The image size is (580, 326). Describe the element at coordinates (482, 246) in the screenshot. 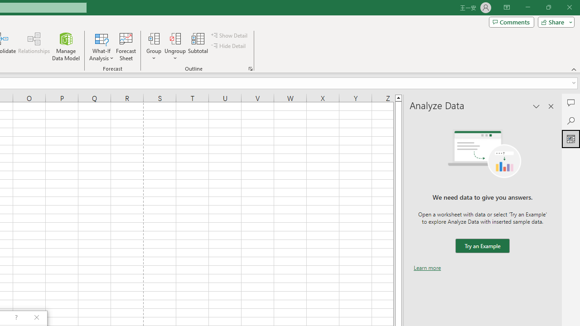

I see `'We need data to give you answers. Try an Example'` at that location.